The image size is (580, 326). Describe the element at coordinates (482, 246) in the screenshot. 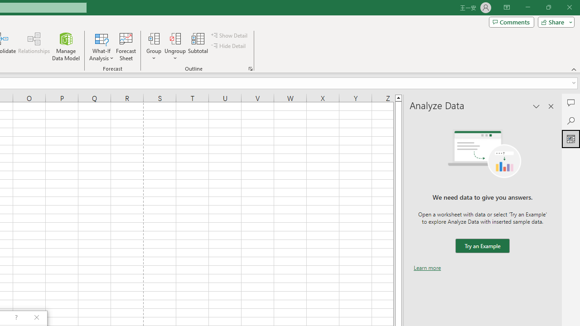

I see `'We need data to give you answers. Try an Example'` at that location.